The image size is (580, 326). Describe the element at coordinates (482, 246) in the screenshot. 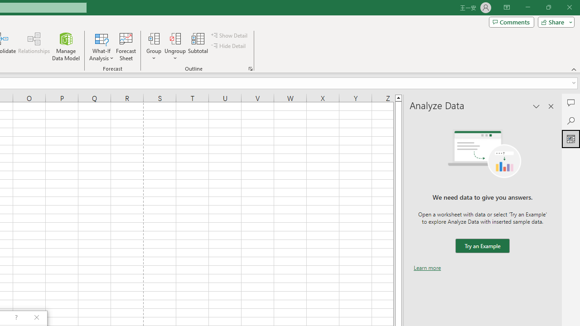

I see `'We need data to give you answers. Try an Example'` at that location.